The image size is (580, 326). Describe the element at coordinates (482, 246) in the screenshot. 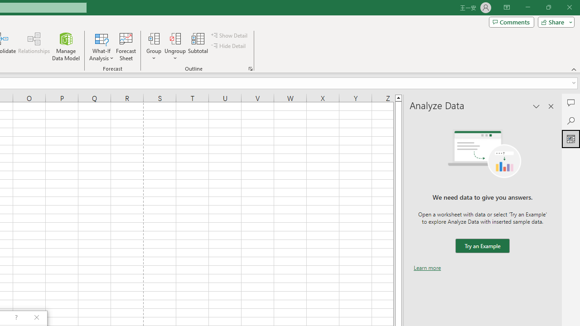

I see `'We need data to give you answers. Try an Example'` at that location.